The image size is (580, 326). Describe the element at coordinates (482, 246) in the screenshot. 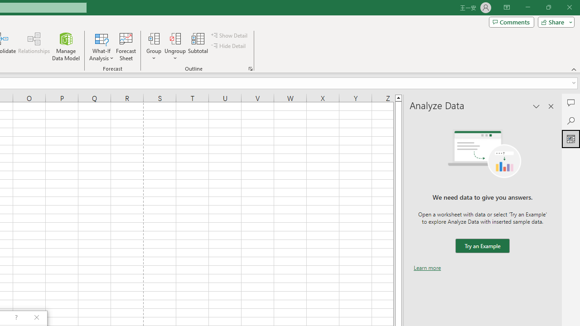

I see `'We need data to give you answers. Try an Example'` at that location.